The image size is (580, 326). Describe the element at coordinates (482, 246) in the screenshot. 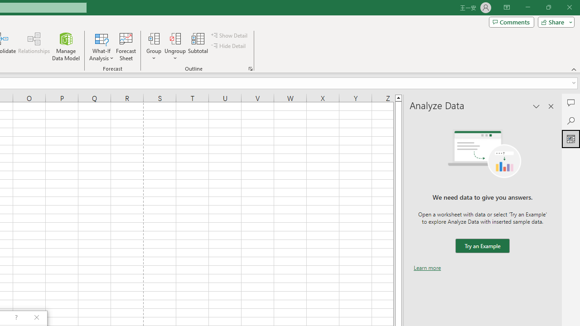

I see `'We need data to give you answers. Try an Example'` at that location.